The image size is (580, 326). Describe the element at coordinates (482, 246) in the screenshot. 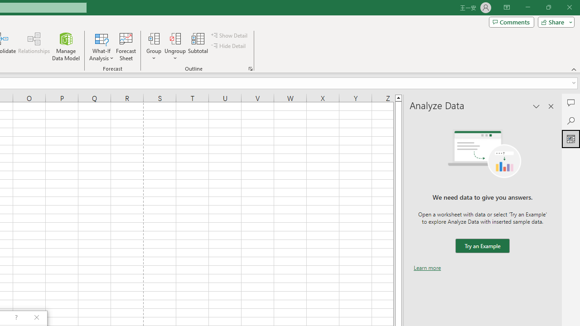

I see `'We need data to give you answers. Try an Example'` at that location.